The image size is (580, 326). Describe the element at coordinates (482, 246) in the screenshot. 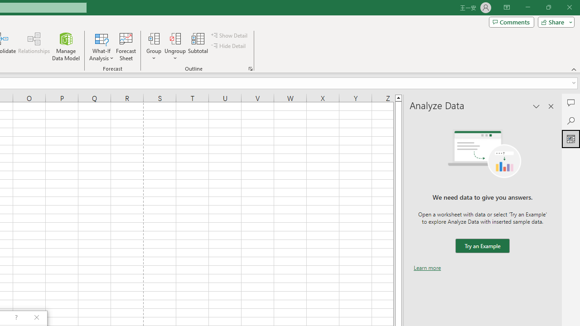

I see `'We need data to give you answers. Try an Example'` at that location.